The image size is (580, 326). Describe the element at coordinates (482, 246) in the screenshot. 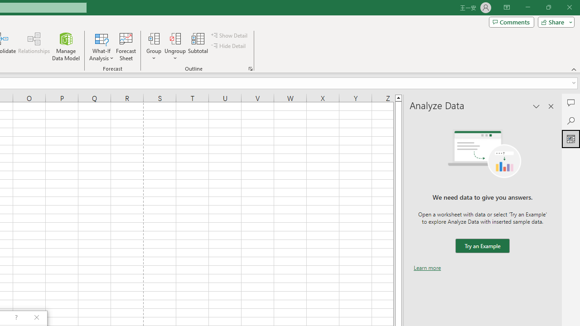

I see `'We need data to give you answers. Try an Example'` at that location.